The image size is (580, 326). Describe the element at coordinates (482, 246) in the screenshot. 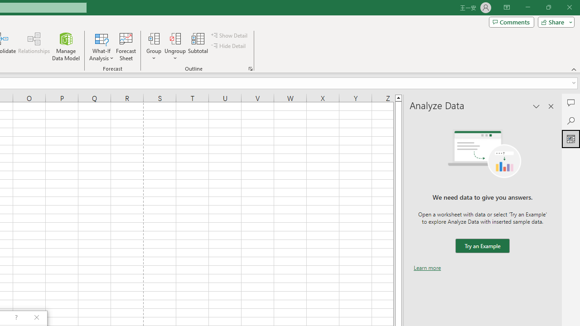

I see `'We need data to give you answers. Try an Example'` at that location.